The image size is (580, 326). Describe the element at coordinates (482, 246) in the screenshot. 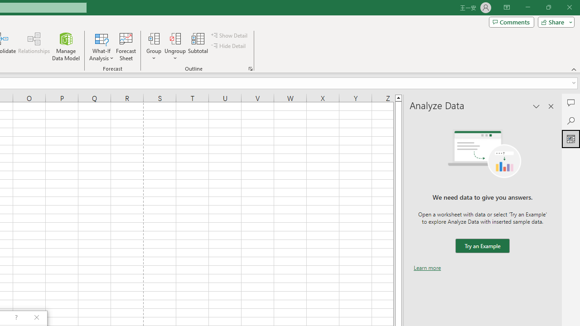

I see `'We need data to give you answers. Try an Example'` at that location.